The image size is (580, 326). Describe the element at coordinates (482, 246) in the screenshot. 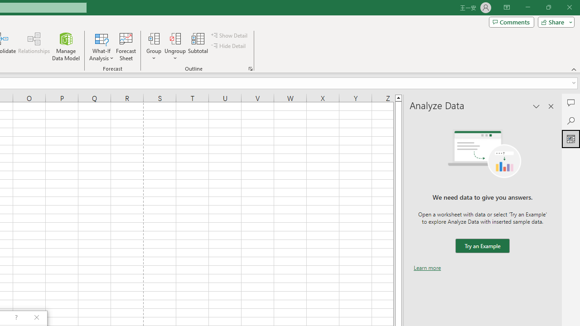

I see `'We need data to give you answers. Try an Example'` at that location.